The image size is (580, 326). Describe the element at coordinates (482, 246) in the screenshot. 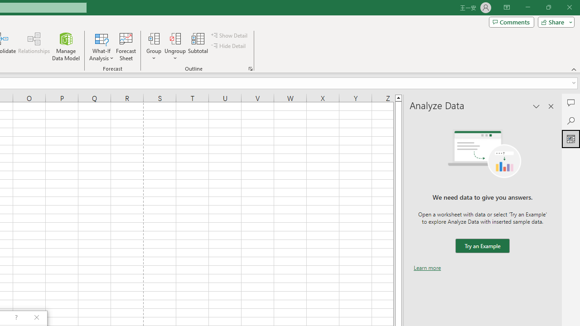

I see `'We need data to give you answers. Try an Example'` at that location.